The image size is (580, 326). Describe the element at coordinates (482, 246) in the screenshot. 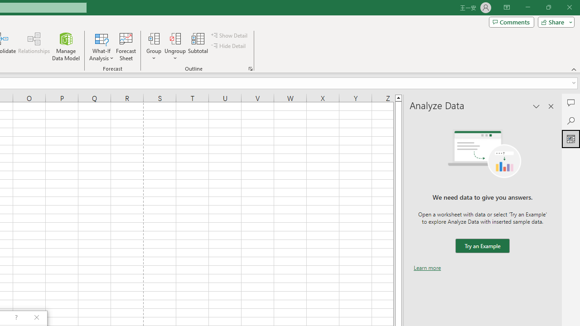

I see `'We need data to give you answers. Try an Example'` at that location.